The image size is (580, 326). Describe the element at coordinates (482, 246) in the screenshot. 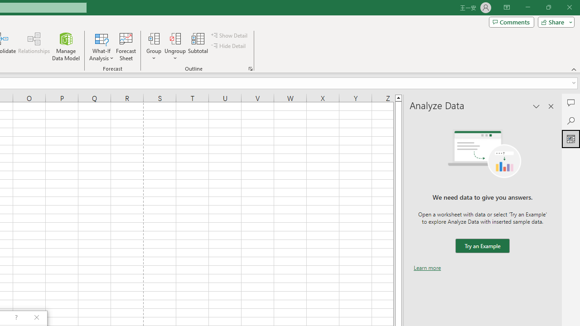

I see `'We need data to give you answers. Try an Example'` at that location.